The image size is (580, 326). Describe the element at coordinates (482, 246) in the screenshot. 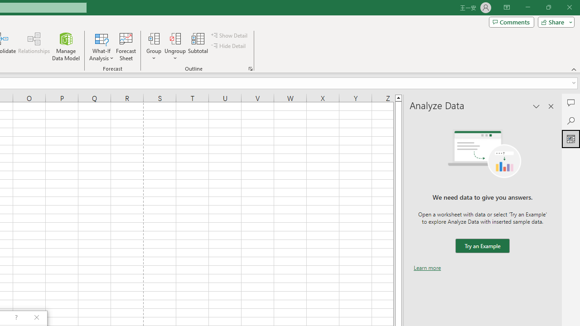

I see `'We need data to give you answers. Try an Example'` at that location.